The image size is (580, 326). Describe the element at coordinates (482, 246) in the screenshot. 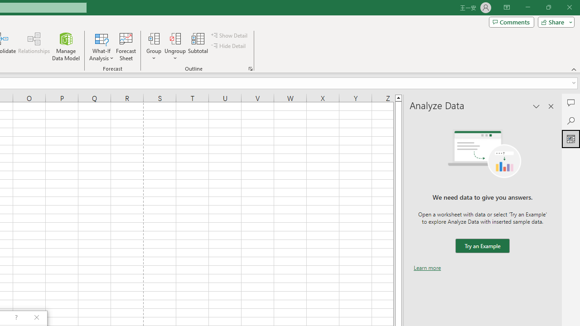

I see `'We need data to give you answers. Try an Example'` at that location.